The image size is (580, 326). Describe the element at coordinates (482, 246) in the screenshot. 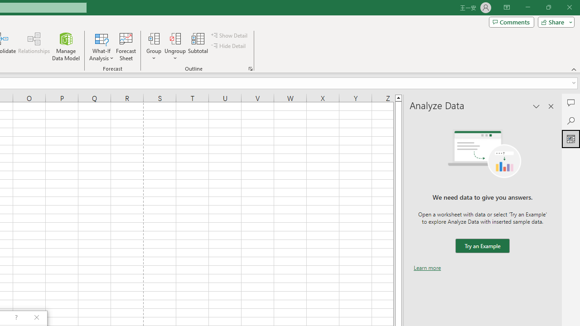

I see `'We need data to give you answers. Try an Example'` at that location.